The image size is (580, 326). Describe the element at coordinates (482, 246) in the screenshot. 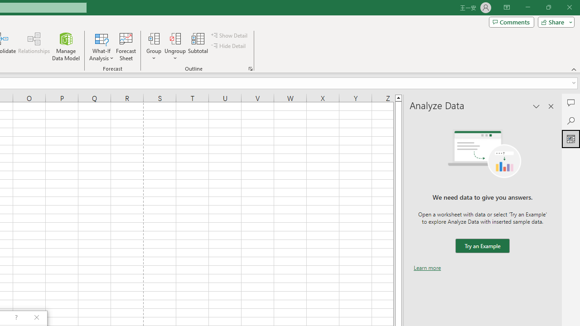

I see `'We need data to give you answers. Try an Example'` at that location.